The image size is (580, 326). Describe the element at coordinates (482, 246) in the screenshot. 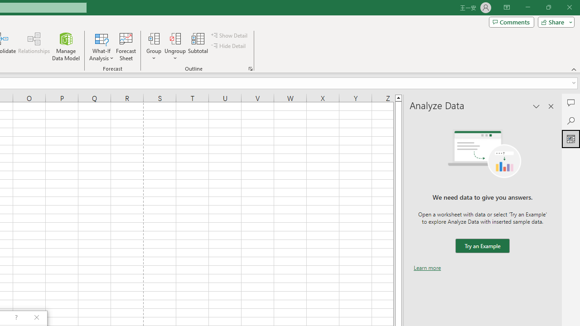

I see `'We need data to give you answers. Try an Example'` at that location.